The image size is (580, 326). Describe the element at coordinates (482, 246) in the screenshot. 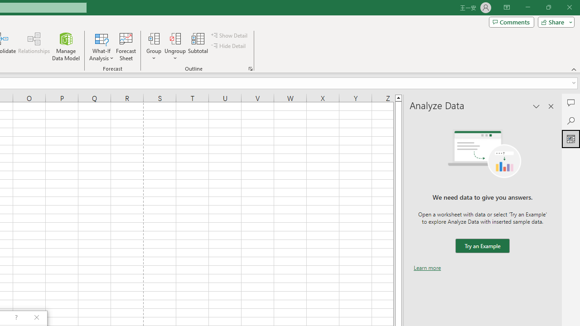

I see `'We need data to give you answers. Try an Example'` at that location.